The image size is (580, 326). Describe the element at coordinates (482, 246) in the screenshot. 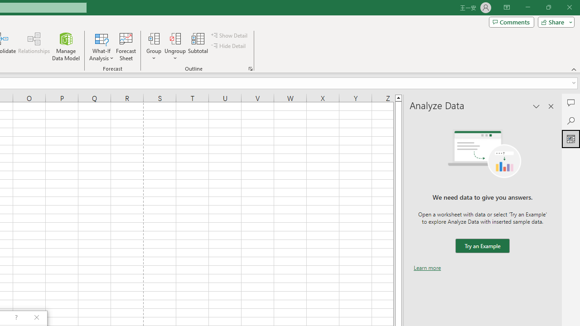

I see `'We need data to give you answers. Try an Example'` at that location.